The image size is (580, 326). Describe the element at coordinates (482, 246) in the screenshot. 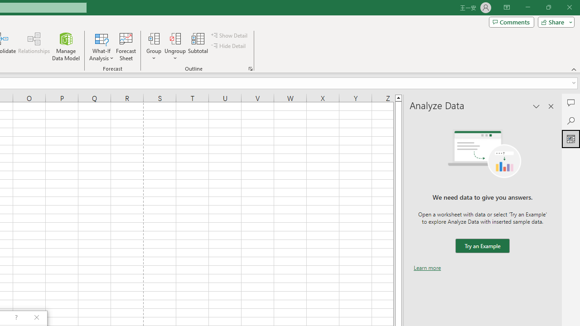

I see `'We need data to give you answers. Try an Example'` at that location.